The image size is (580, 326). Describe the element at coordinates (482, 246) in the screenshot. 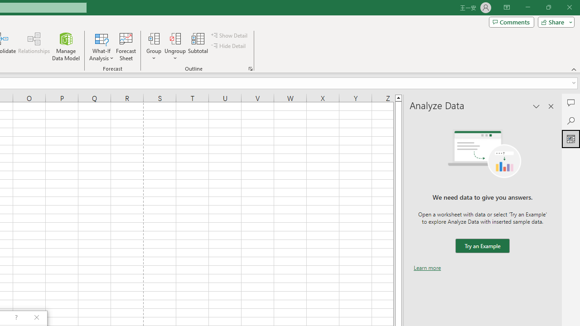

I see `'We need data to give you answers. Try an Example'` at that location.